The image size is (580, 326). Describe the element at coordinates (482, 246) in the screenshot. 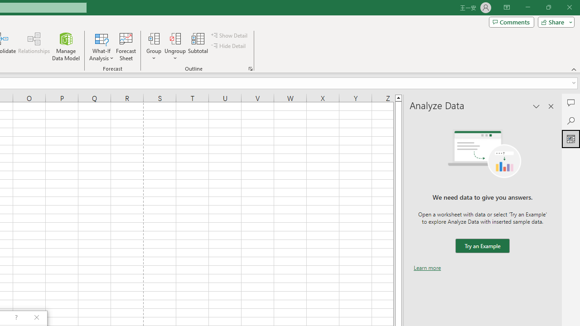

I see `'We need data to give you answers. Try an Example'` at that location.